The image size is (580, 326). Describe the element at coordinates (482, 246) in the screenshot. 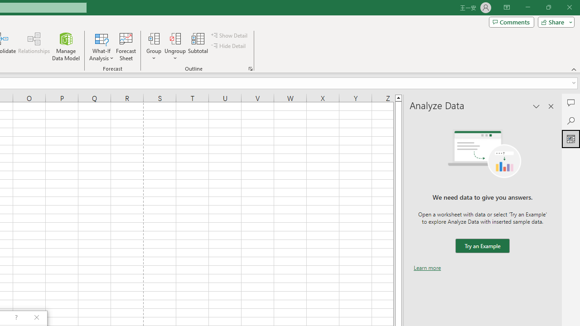

I see `'We need data to give you answers. Try an Example'` at that location.